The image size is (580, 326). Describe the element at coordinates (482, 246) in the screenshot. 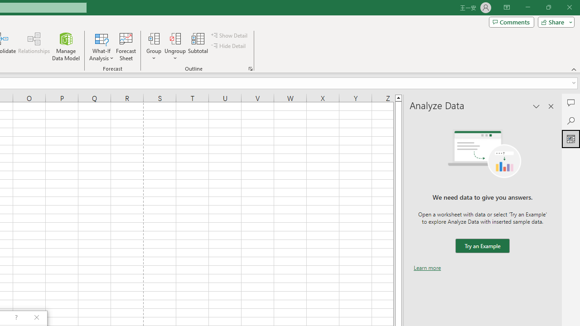

I see `'We need data to give you answers. Try an Example'` at that location.